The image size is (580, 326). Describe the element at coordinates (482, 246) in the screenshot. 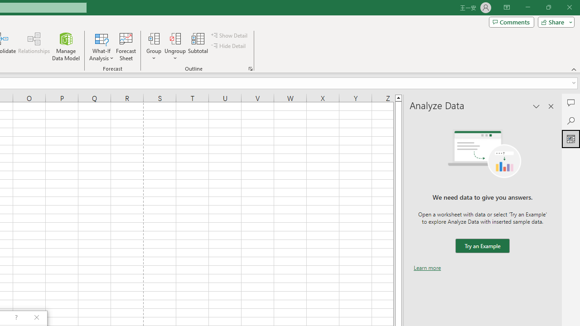

I see `'We need data to give you answers. Try an Example'` at that location.